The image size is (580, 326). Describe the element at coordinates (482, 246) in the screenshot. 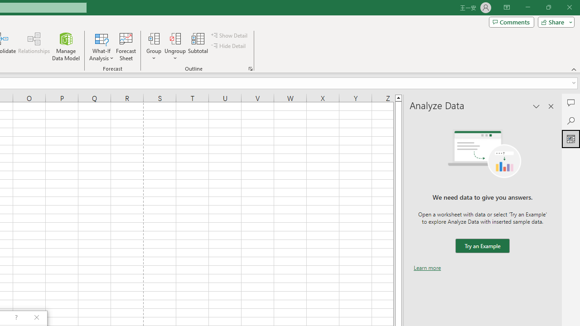

I see `'We need data to give you answers. Try an Example'` at that location.